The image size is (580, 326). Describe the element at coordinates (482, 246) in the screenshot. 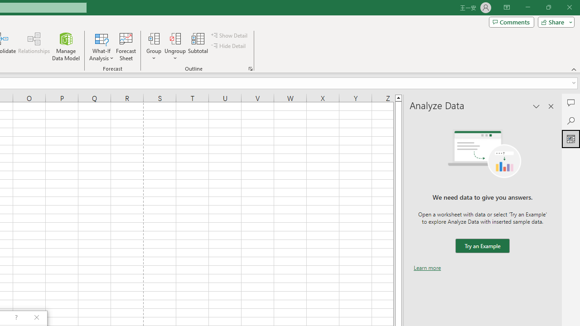

I see `'We need data to give you answers. Try an Example'` at that location.